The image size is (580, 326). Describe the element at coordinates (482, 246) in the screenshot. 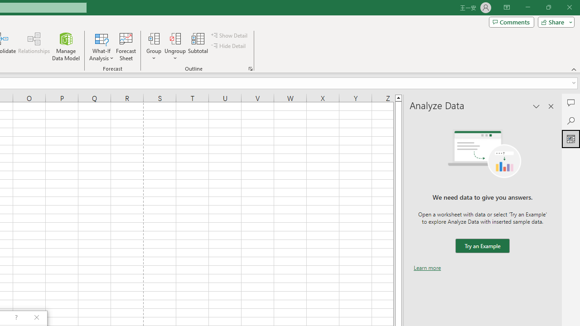

I see `'We need data to give you answers. Try an Example'` at that location.